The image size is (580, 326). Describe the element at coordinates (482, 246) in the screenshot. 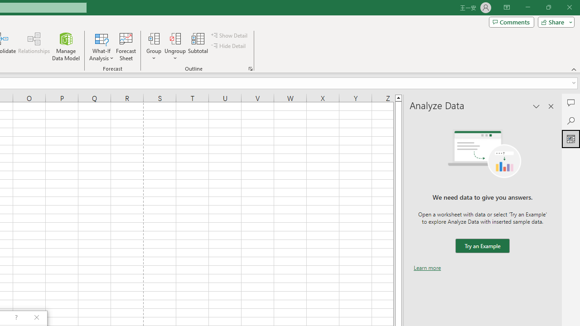

I see `'We need data to give you answers. Try an Example'` at that location.